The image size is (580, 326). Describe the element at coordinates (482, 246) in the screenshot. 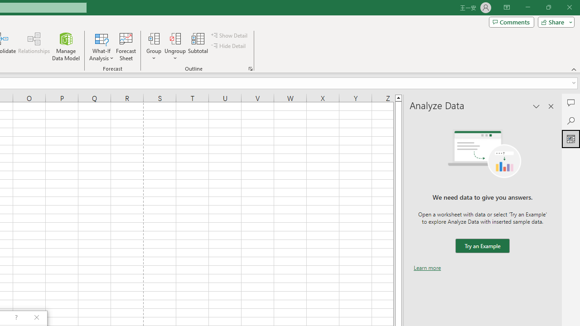

I see `'We need data to give you answers. Try an Example'` at that location.